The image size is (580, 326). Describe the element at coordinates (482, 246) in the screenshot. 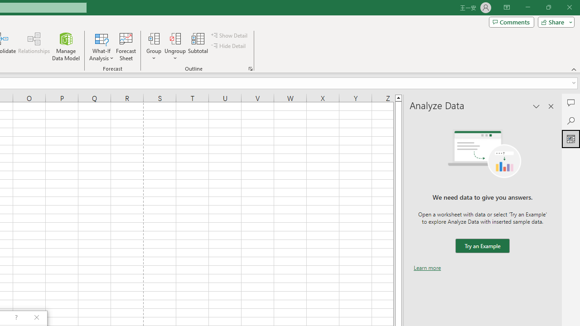

I see `'We need data to give you answers. Try an Example'` at that location.